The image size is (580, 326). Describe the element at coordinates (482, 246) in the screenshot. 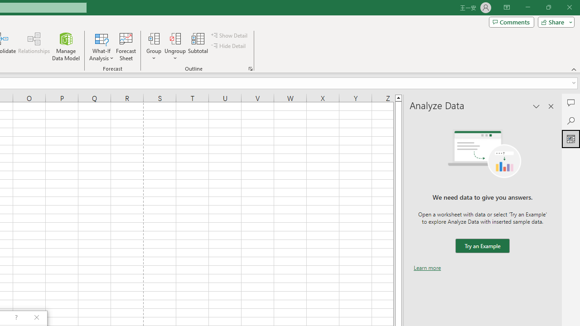

I see `'We need data to give you answers. Try an Example'` at that location.